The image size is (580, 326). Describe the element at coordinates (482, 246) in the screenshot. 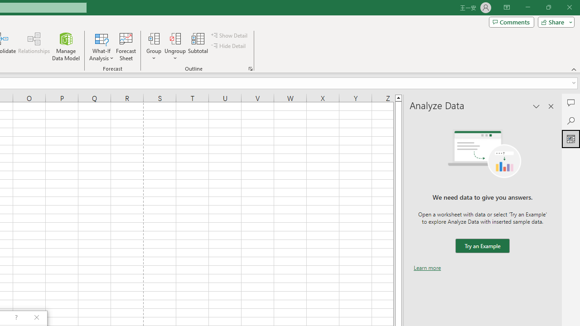

I see `'We need data to give you answers. Try an Example'` at that location.